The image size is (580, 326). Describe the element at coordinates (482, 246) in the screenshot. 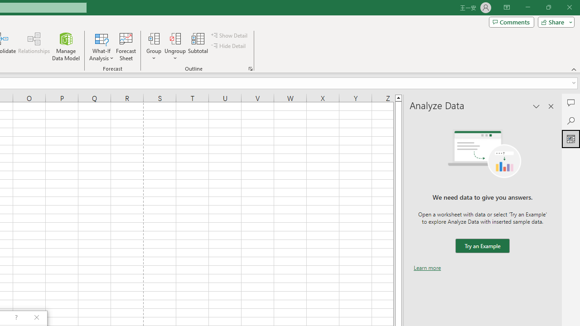

I see `'We need data to give you answers. Try an Example'` at that location.